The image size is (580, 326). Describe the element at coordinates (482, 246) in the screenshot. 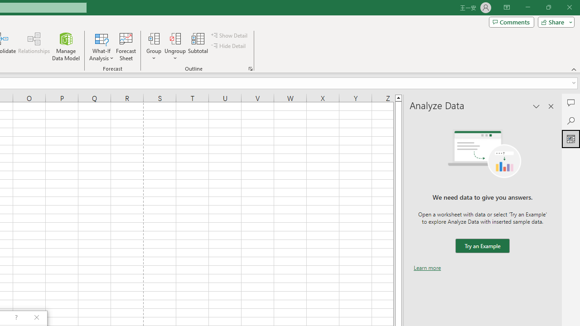

I see `'We need data to give you answers. Try an Example'` at that location.